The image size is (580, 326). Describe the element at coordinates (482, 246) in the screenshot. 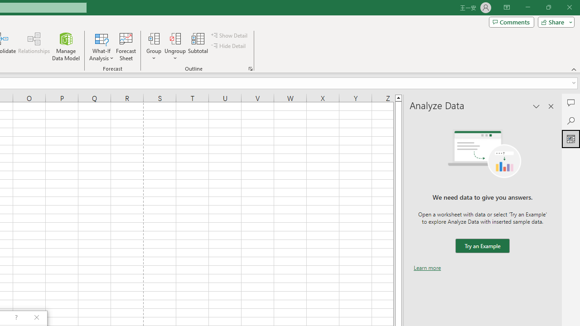

I see `'We need data to give you answers. Try an Example'` at that location.